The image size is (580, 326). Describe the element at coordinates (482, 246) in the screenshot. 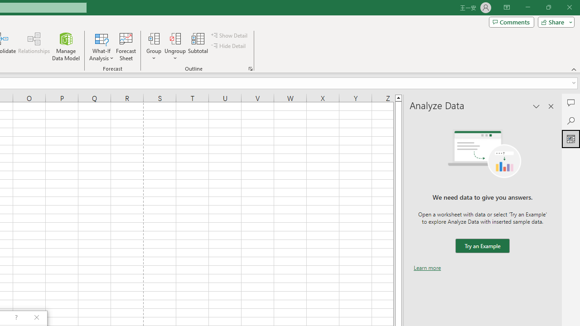

I see `'We need data to give you answers. Try an Example'` at that location.